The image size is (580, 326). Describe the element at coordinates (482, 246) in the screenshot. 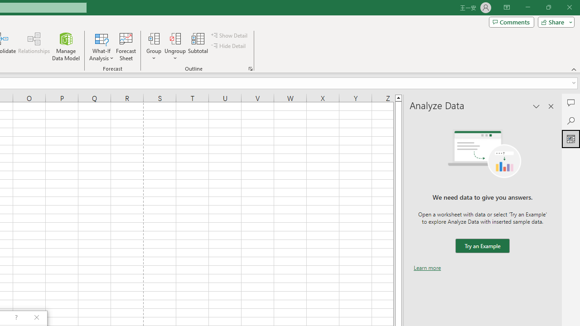

I see `'We need data to give you answers. Try an Example'` at that location.